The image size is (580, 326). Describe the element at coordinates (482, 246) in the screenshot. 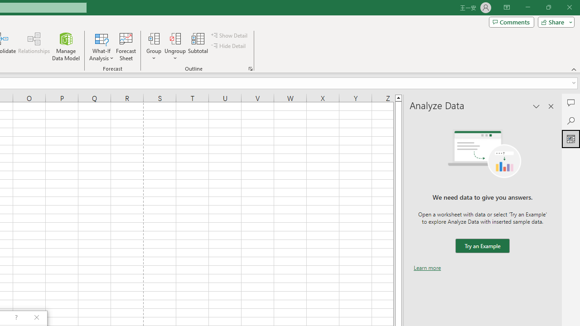

I see `'We need data to give you answers. Try an Example'` at that location.